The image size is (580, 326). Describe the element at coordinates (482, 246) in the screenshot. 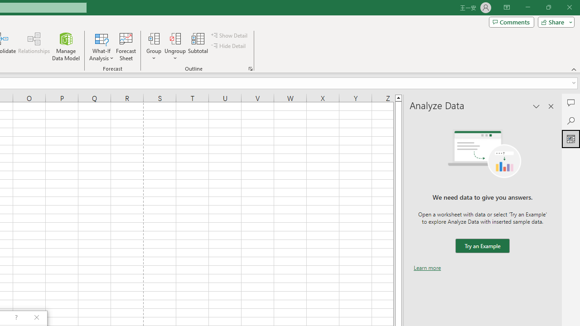

I see `'We need data to give you answers. Try an Example'` at that location.